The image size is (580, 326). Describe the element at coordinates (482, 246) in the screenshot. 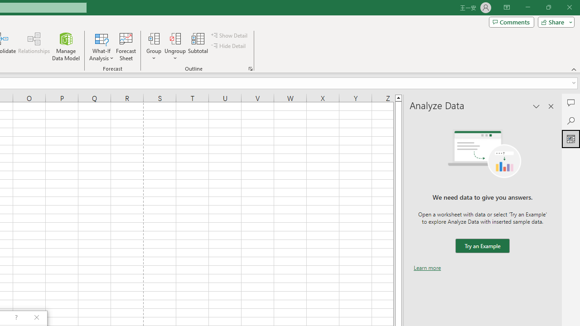

I see `'We need data to give you answers. Try an Example'` at that location.